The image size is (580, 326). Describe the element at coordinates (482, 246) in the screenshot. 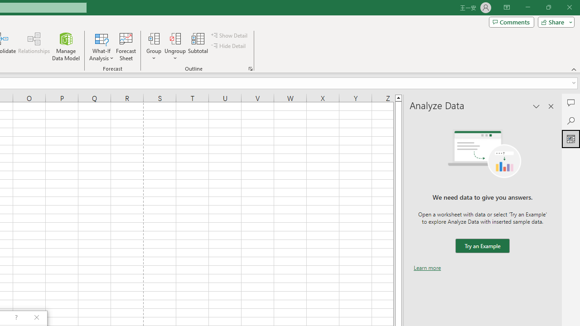

I see `'We need data to give you answers. Try an Example'` at that location.